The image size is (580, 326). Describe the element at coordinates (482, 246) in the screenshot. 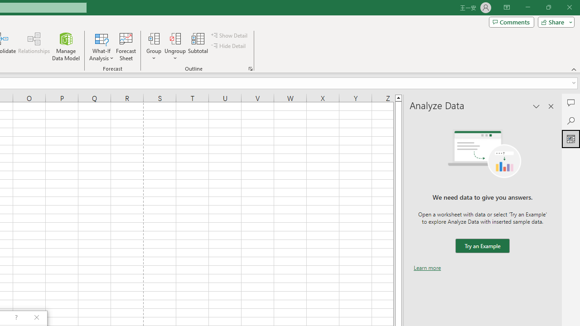

I see `'We need data to give you answers. Try an Example'` at that location.